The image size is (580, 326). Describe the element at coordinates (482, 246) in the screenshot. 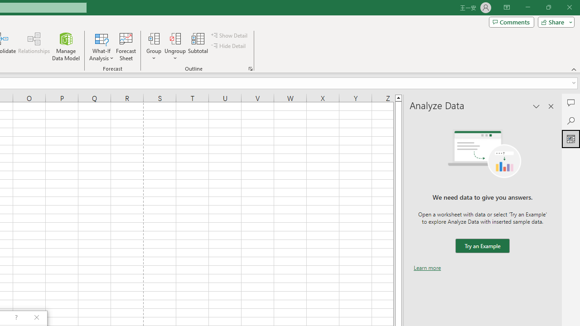

I see `'We need data to give you answers. Try an Example'` at that location.